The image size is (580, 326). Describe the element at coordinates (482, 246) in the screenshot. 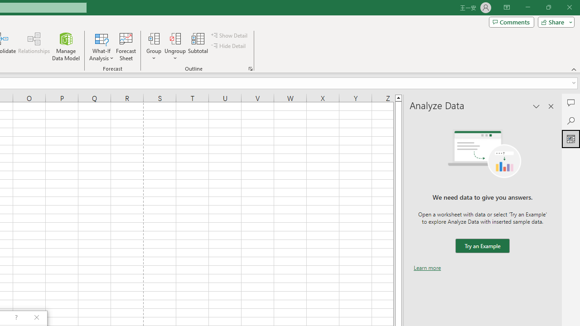

I see `'We need data to give you answers. Try an Example'` at that location.